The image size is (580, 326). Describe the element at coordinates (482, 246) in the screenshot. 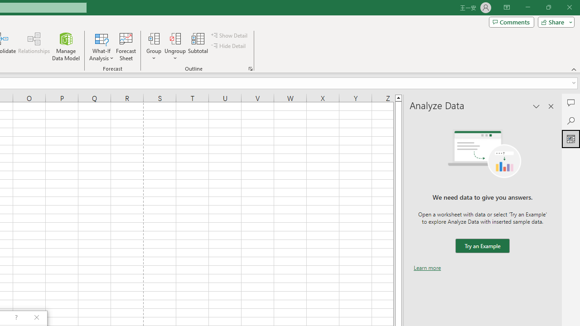

I see `'We need data to give you answers. Try an Example'` at that location.